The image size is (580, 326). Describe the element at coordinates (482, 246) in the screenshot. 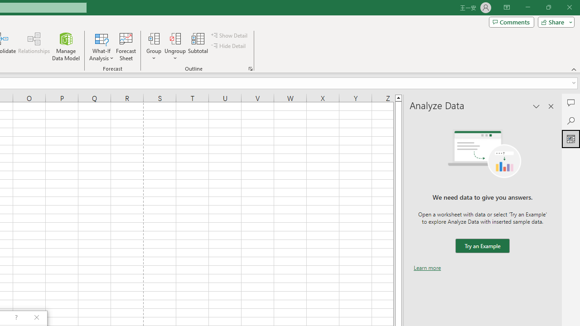

I see `'We need data to give you answers. Try an Example'` at that location.